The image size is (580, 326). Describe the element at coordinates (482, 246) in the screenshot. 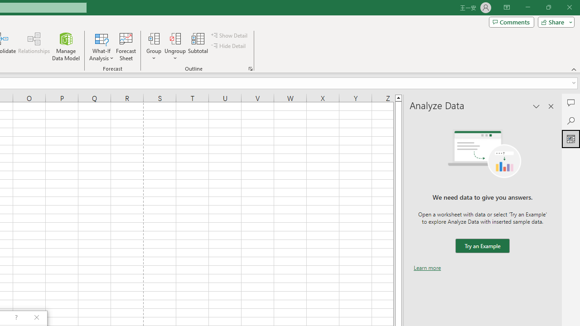

I see `'We need data to give you answers. Try an Example'` at that location.